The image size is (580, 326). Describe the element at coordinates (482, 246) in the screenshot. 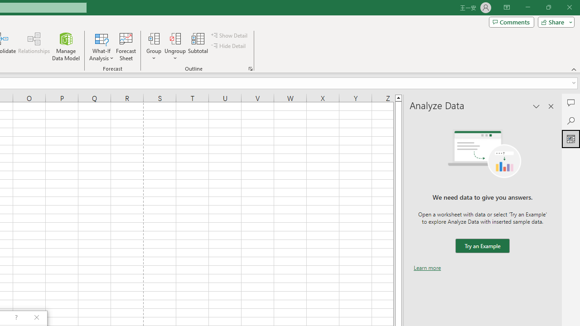

I see `'We need data to give you answers. Try an Example'` at that location.